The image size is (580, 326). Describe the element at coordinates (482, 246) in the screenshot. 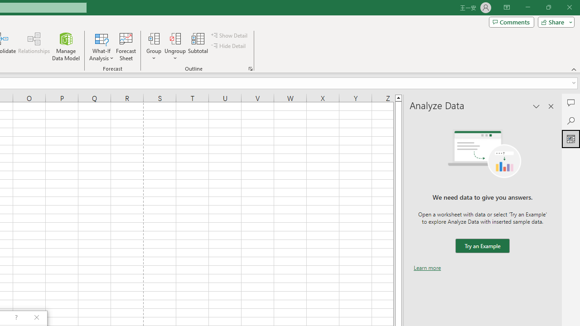

I see `'We need data to give you answers. Try an Example'` at that location.